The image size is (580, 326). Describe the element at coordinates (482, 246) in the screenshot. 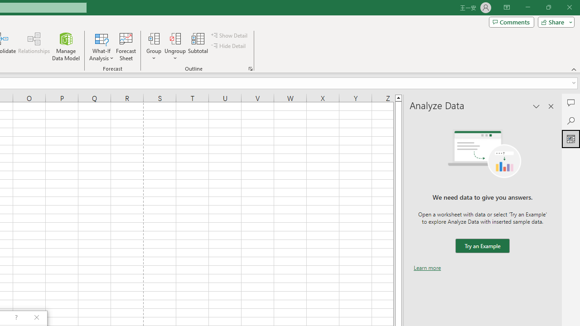

I see `'We need data to give you answers. Try an Example'` at that location.